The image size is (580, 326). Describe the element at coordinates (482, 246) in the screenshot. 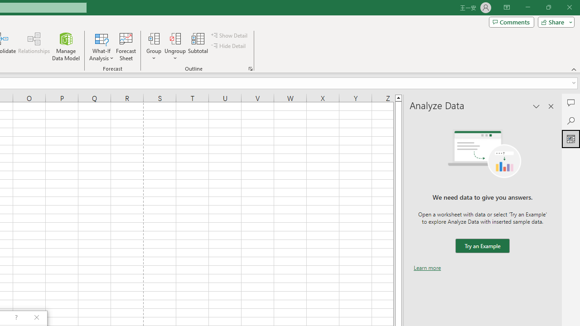

I see `'We need data to give you answers. Try an Example'` at that location.